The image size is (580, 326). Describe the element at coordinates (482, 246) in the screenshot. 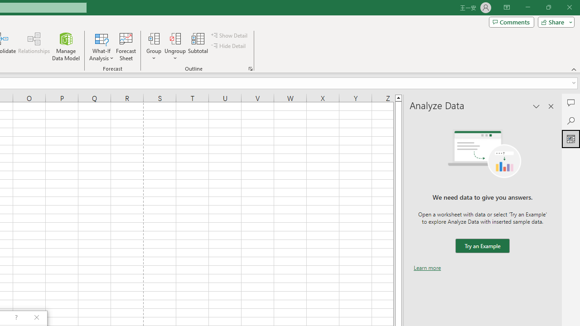

I see `'We need data to give you answers. Try an Example'` at that location.